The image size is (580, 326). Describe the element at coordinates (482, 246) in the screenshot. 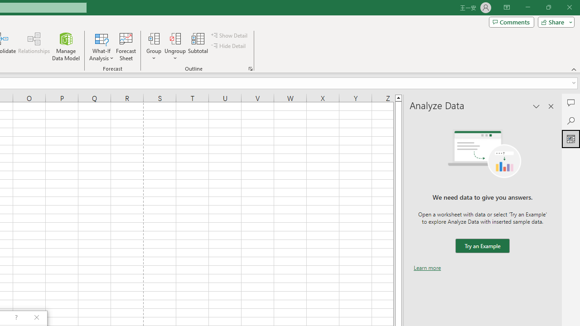

I see `'We need data to give you answers. Try an Example'` at that location.